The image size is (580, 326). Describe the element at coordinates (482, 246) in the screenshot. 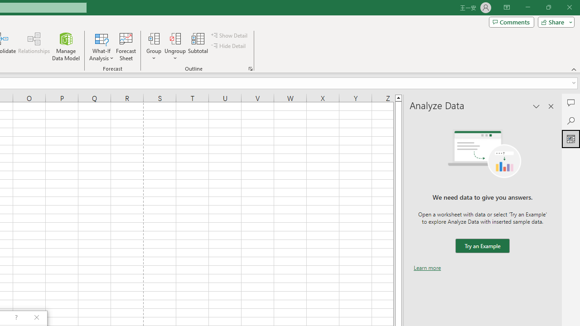

I see `'We need data to give you answers. Try an Example'` at that location.